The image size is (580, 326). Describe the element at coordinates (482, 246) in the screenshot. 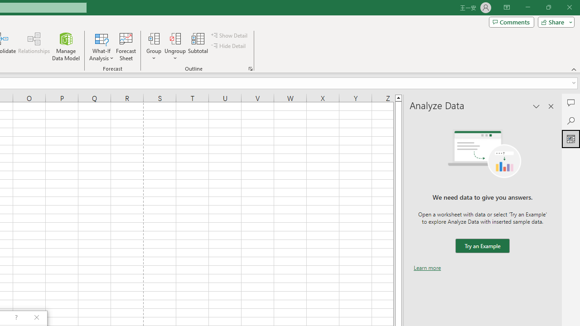

I see `'We need data to give you answers. Try an Example'` at that location.